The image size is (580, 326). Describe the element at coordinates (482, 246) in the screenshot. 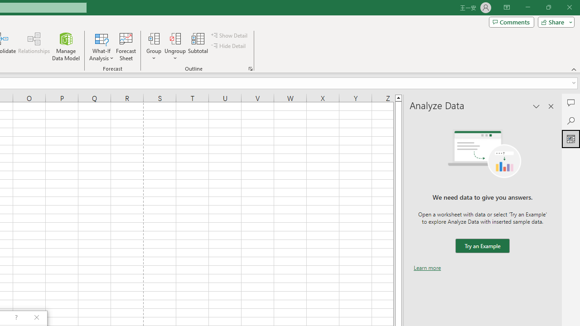

I see `'We need data to give you answers. Try an Example'` at that location.